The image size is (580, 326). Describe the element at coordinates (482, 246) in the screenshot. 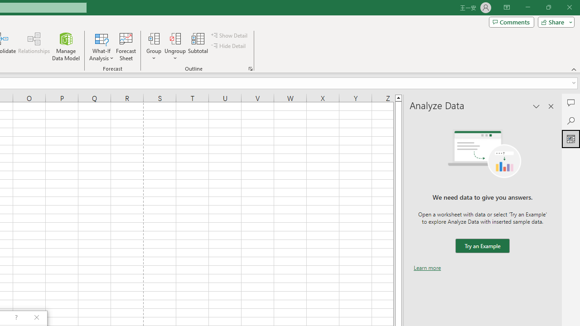

I see `'We need data to give you answers. Try an Example'` at that location.